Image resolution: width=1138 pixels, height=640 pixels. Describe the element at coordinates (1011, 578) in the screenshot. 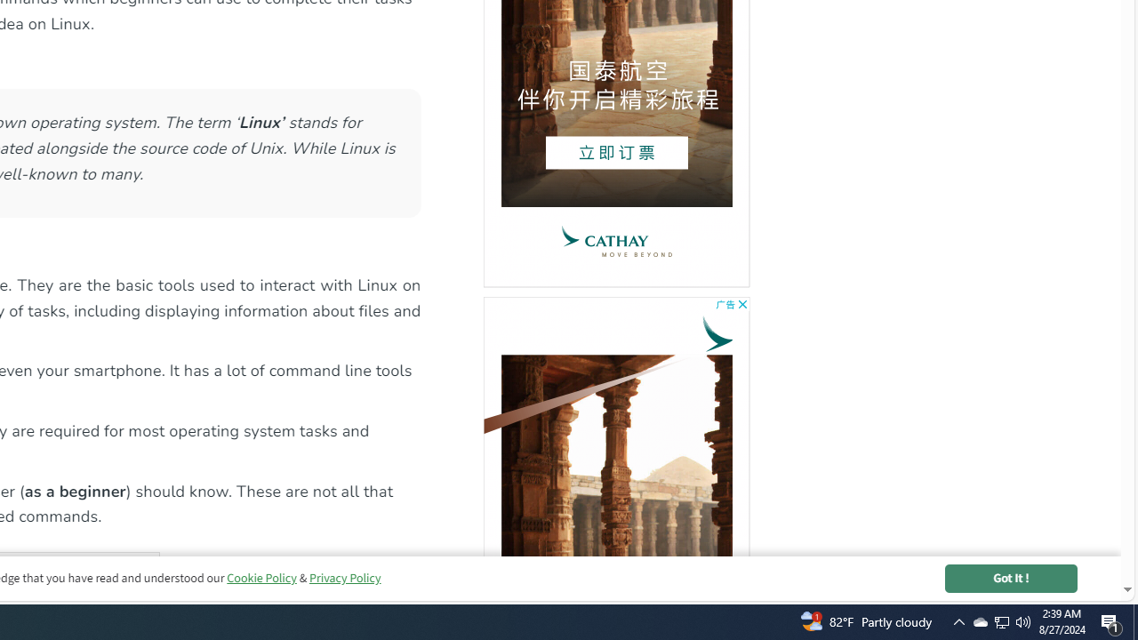

I see `'Got It !'` at that location.